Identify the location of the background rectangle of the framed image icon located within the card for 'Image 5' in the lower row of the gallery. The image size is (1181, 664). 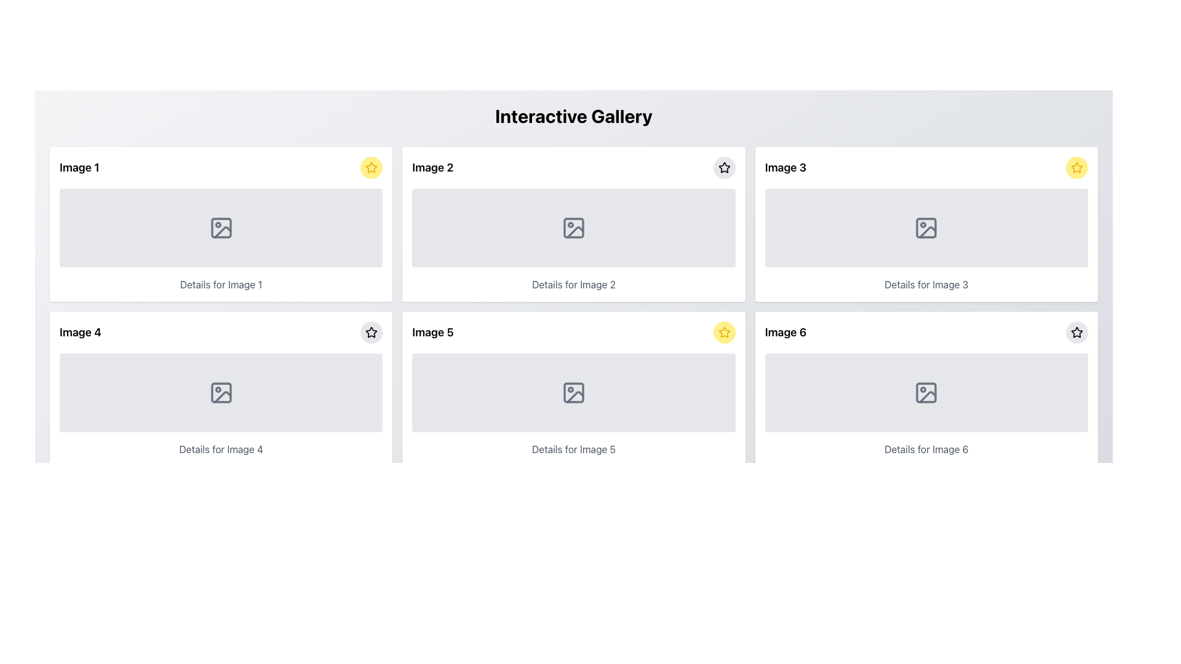
(573, 393).